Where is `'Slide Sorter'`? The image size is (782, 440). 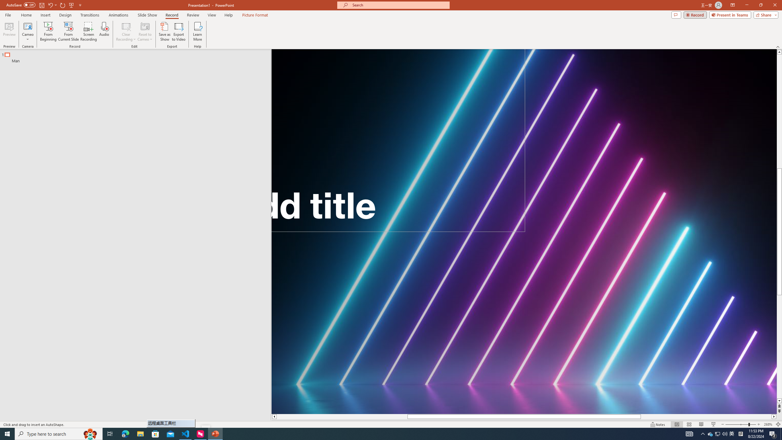 'Slide Sorter' is located at coordinates (689, 424).